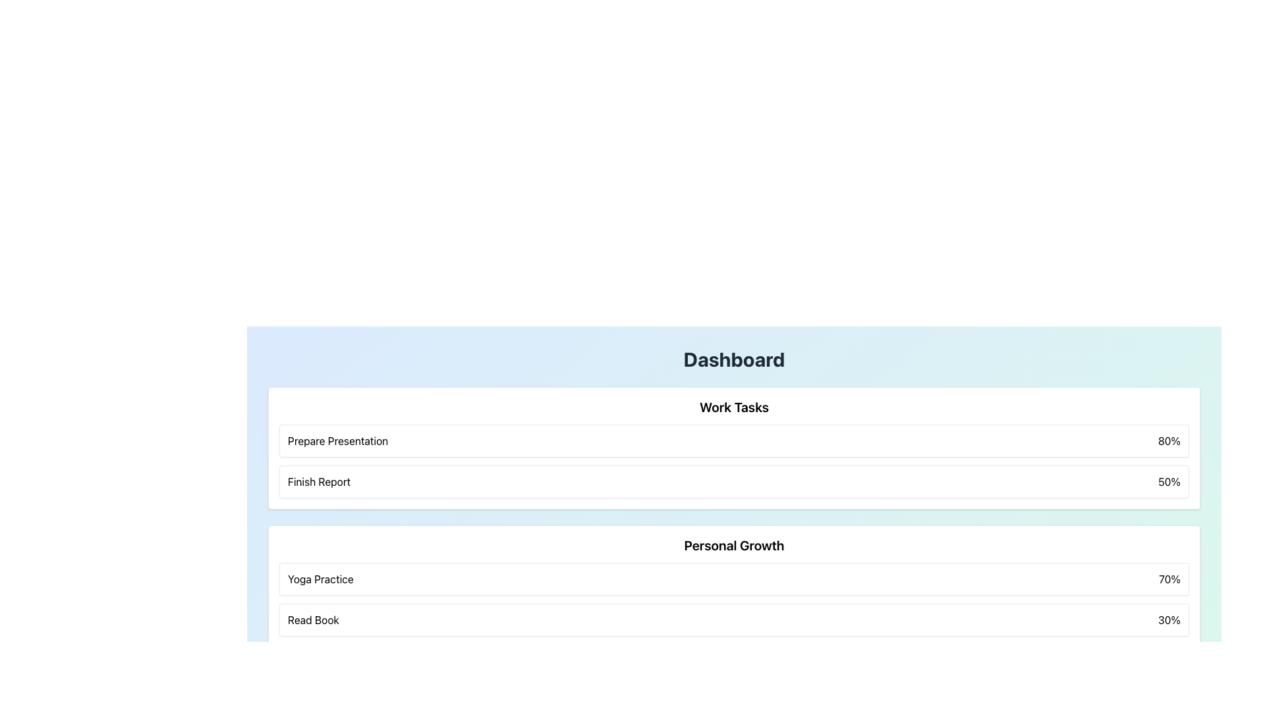 Image resolution: width=1265 pixels, height=711 pixels. Describe the element at coordinates (338, 441) in the screenshot. I see `the Text Label that serves as a title for the 'Prepare Presentation' task in the 'Work Tasks' section of the dashboard` at that location.